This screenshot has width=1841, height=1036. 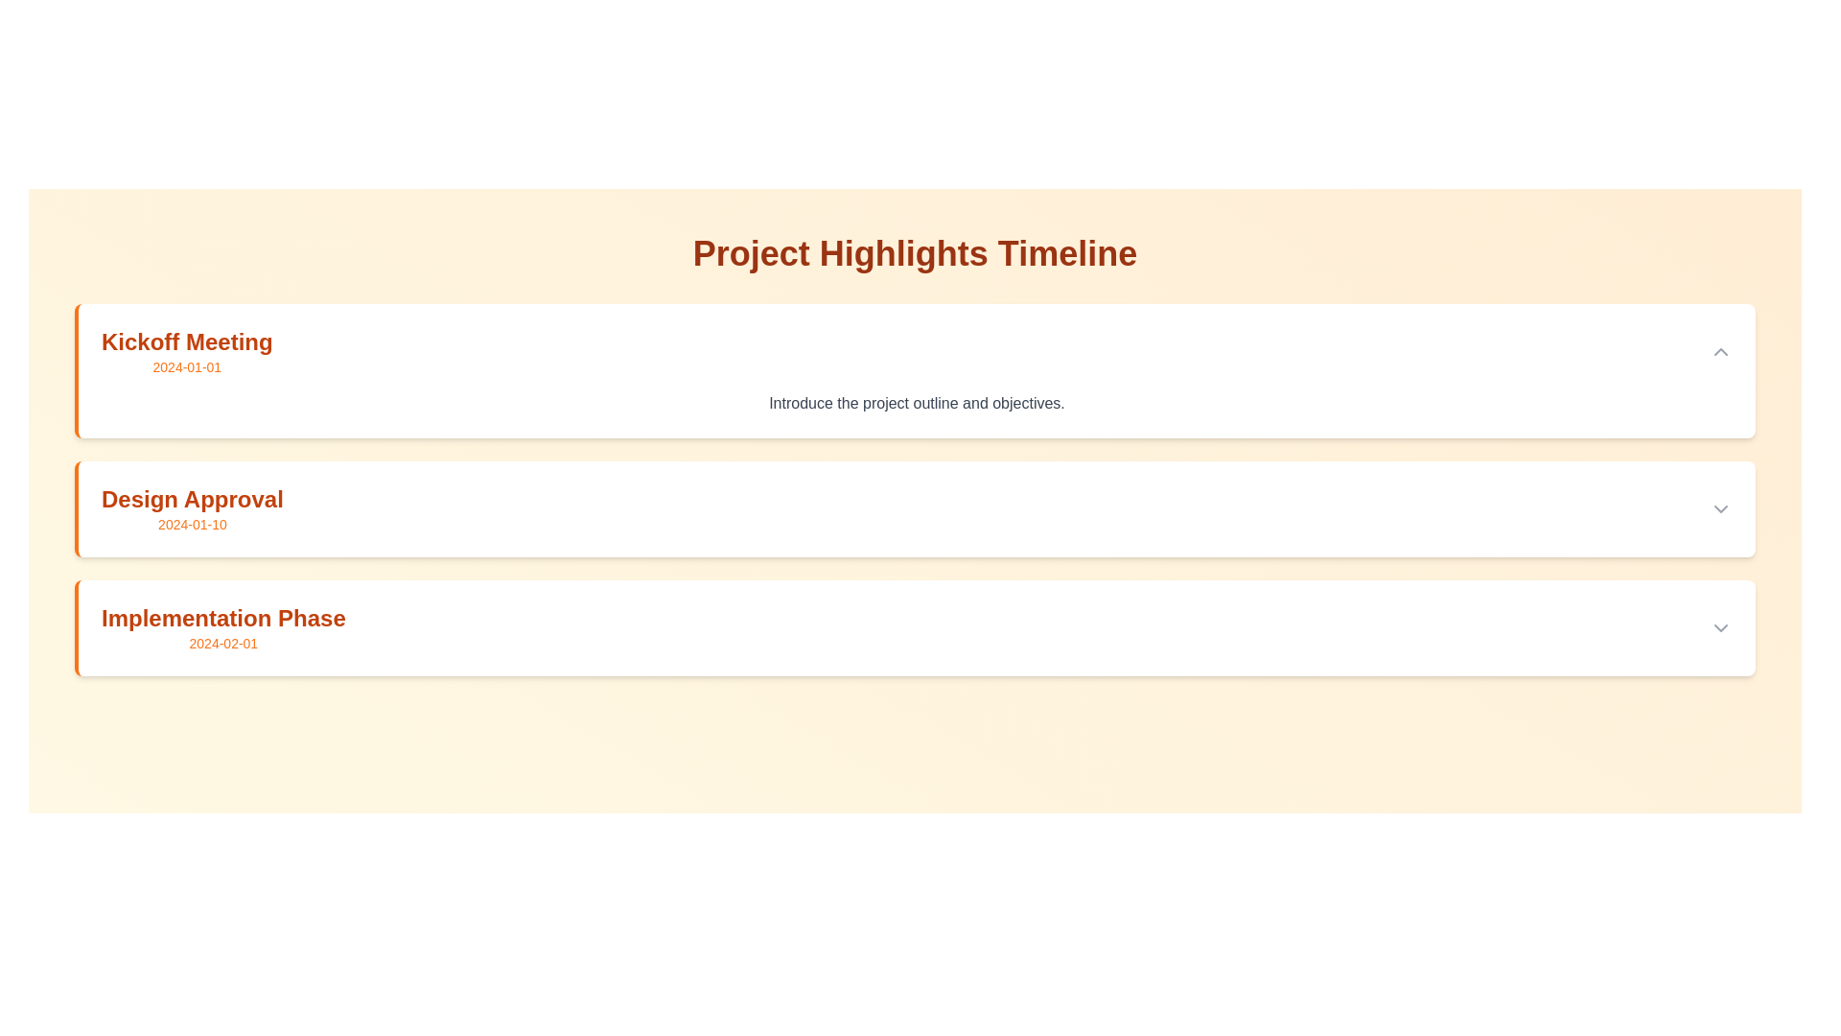 I want to click on the date text label displaying '2024-01-01', which is styled in orange and located beneath the 'Kickoff Meeting' title, centered within the first section of the timeline interface, so click(x=187, y=366).